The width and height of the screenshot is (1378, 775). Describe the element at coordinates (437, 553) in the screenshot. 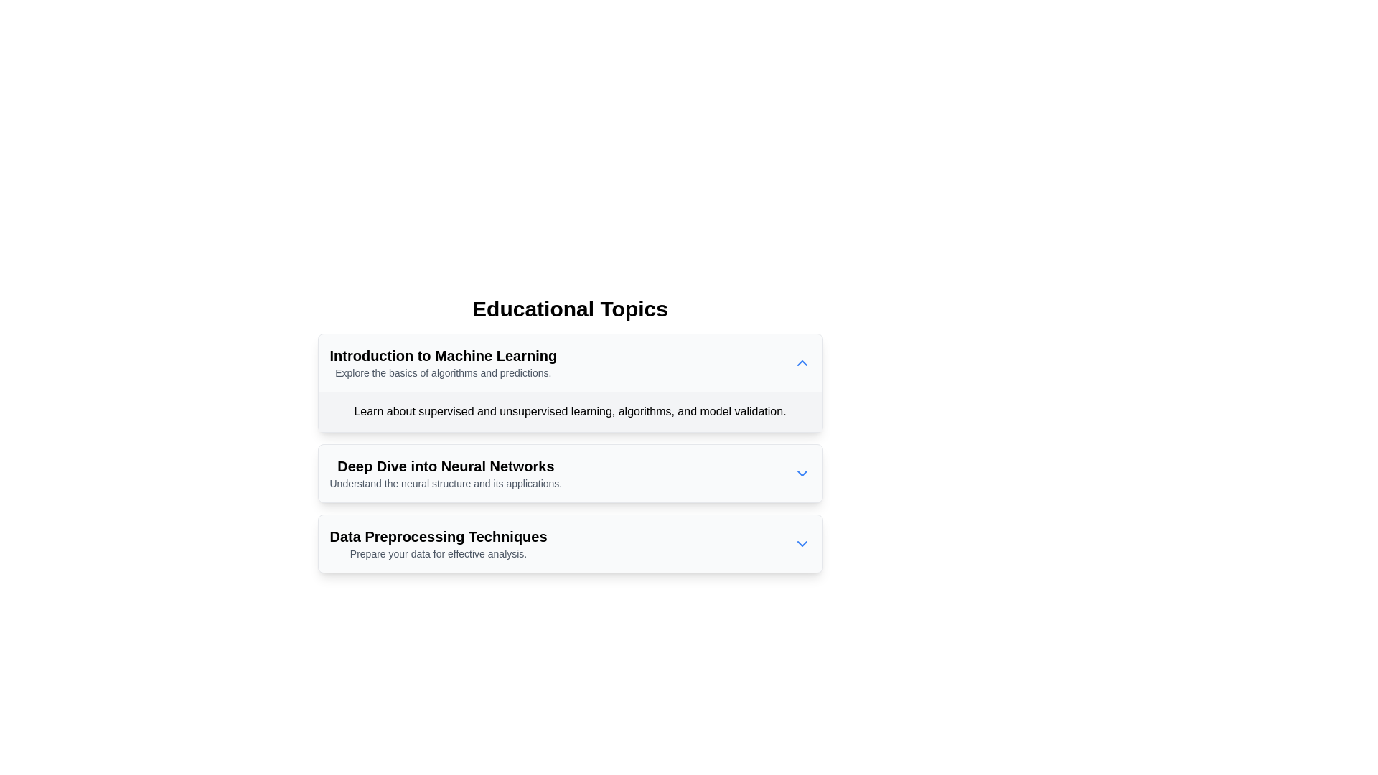

I see `the text label that reads 'Prepare your data for effective analysis.' which is positioned beneath the section header 'Data Preprocessing Techniques.'` at that location.